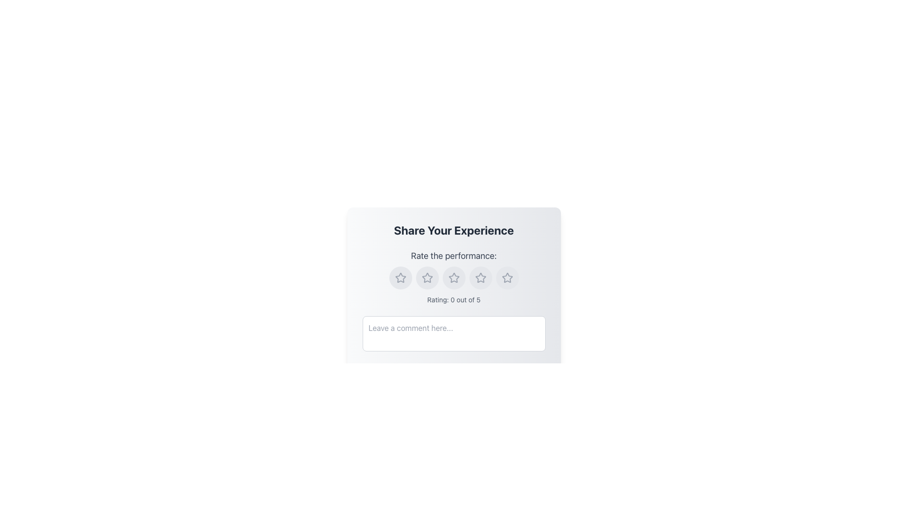 This screenshot has height=515, width=915. I want to click on the third star icon in the rating system, which is a non-interactive SVG star with a gray outline and transparent interior, located below the heading 'Rate the performance:', so click(453, 278).